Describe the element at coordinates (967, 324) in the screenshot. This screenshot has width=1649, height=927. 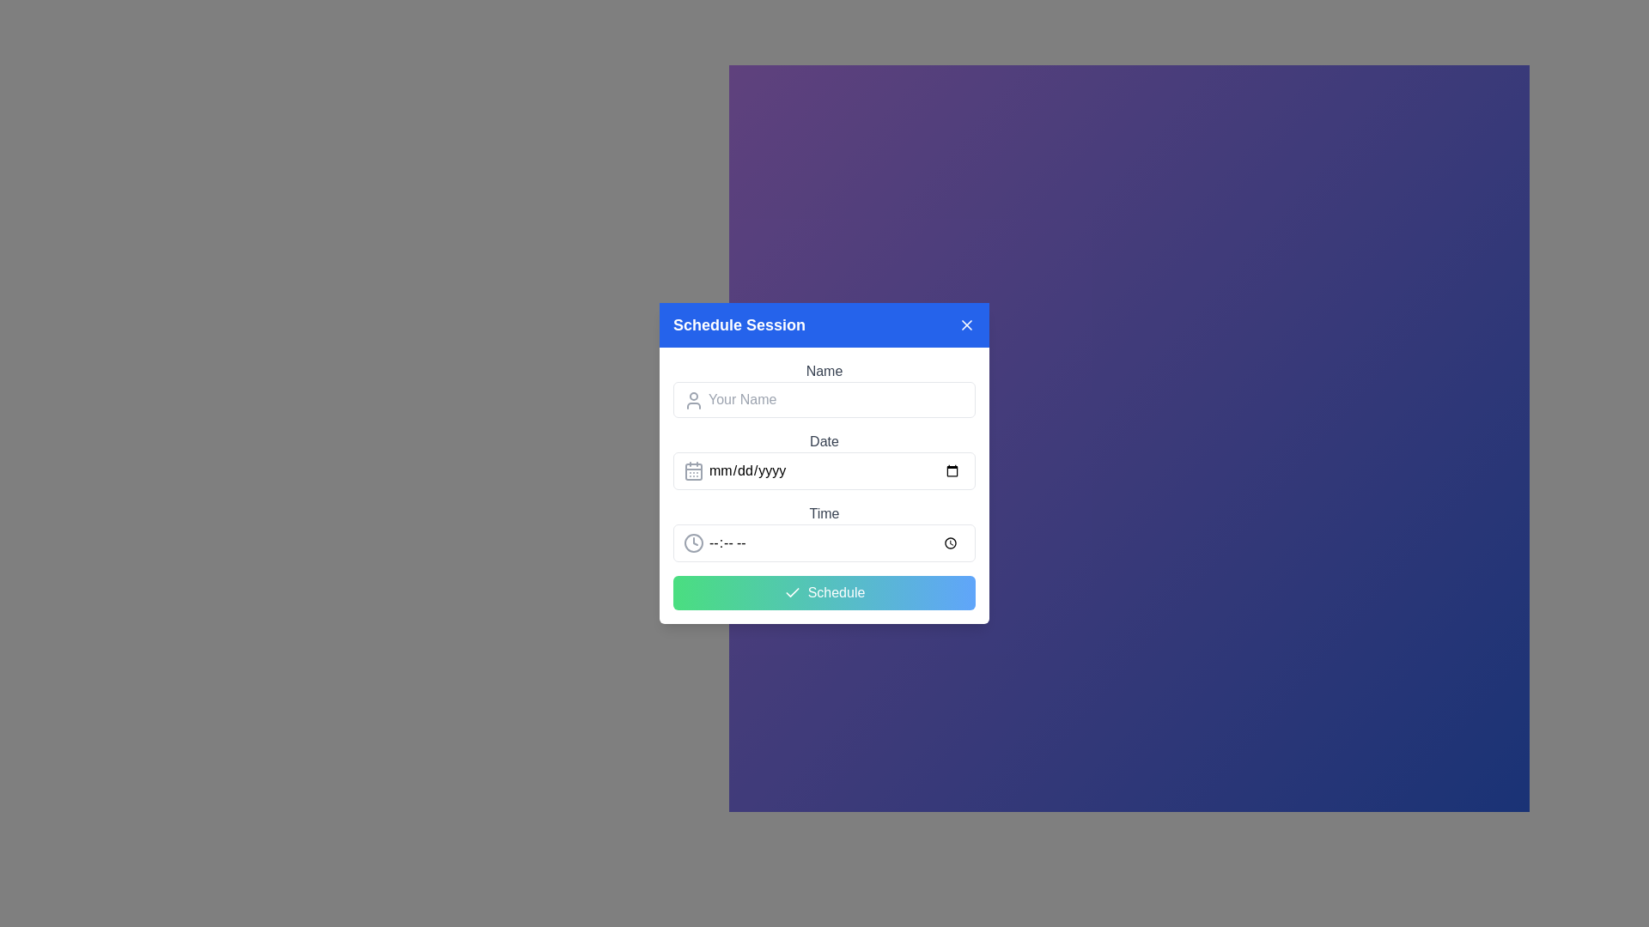
I see `the close button in the top-right corner of the 'Schedule Session' dialog` at that location.